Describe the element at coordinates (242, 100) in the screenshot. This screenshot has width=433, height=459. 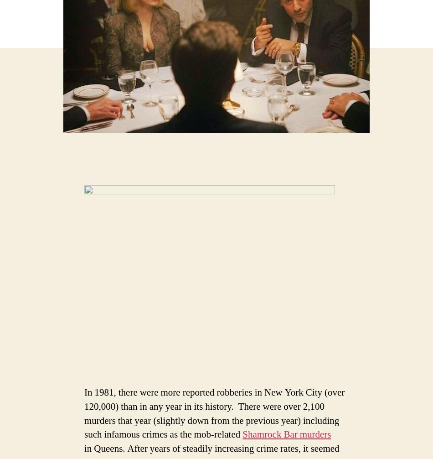
I see `'recent podcast episodes here'` at that location.